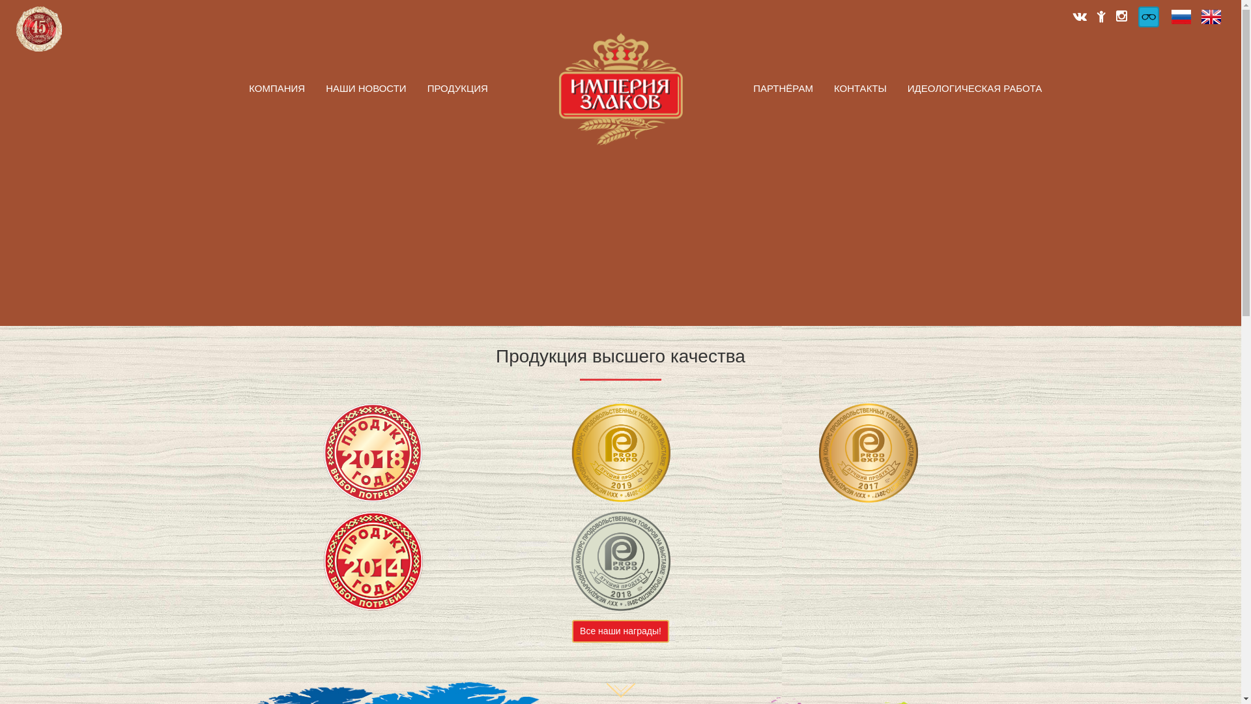 This screenshot has height=704, width=1251. Describe the element at coordinates (1181, 17) in the screenshot. I see `'Russian (Russia)'` at that location.